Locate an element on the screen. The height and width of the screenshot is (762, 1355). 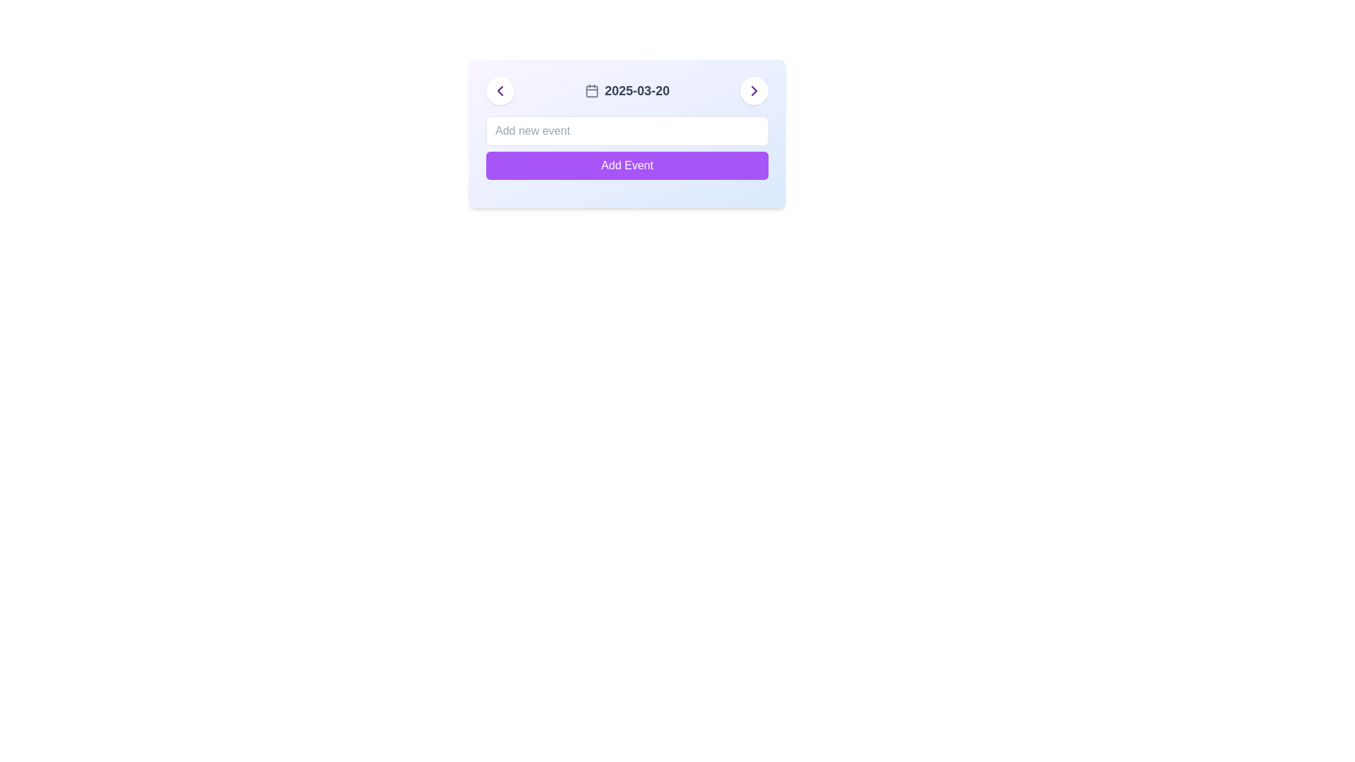
the Chevron-Left icon located on the left side of the header area in the calendar interface is located at coordinates (500, 90).